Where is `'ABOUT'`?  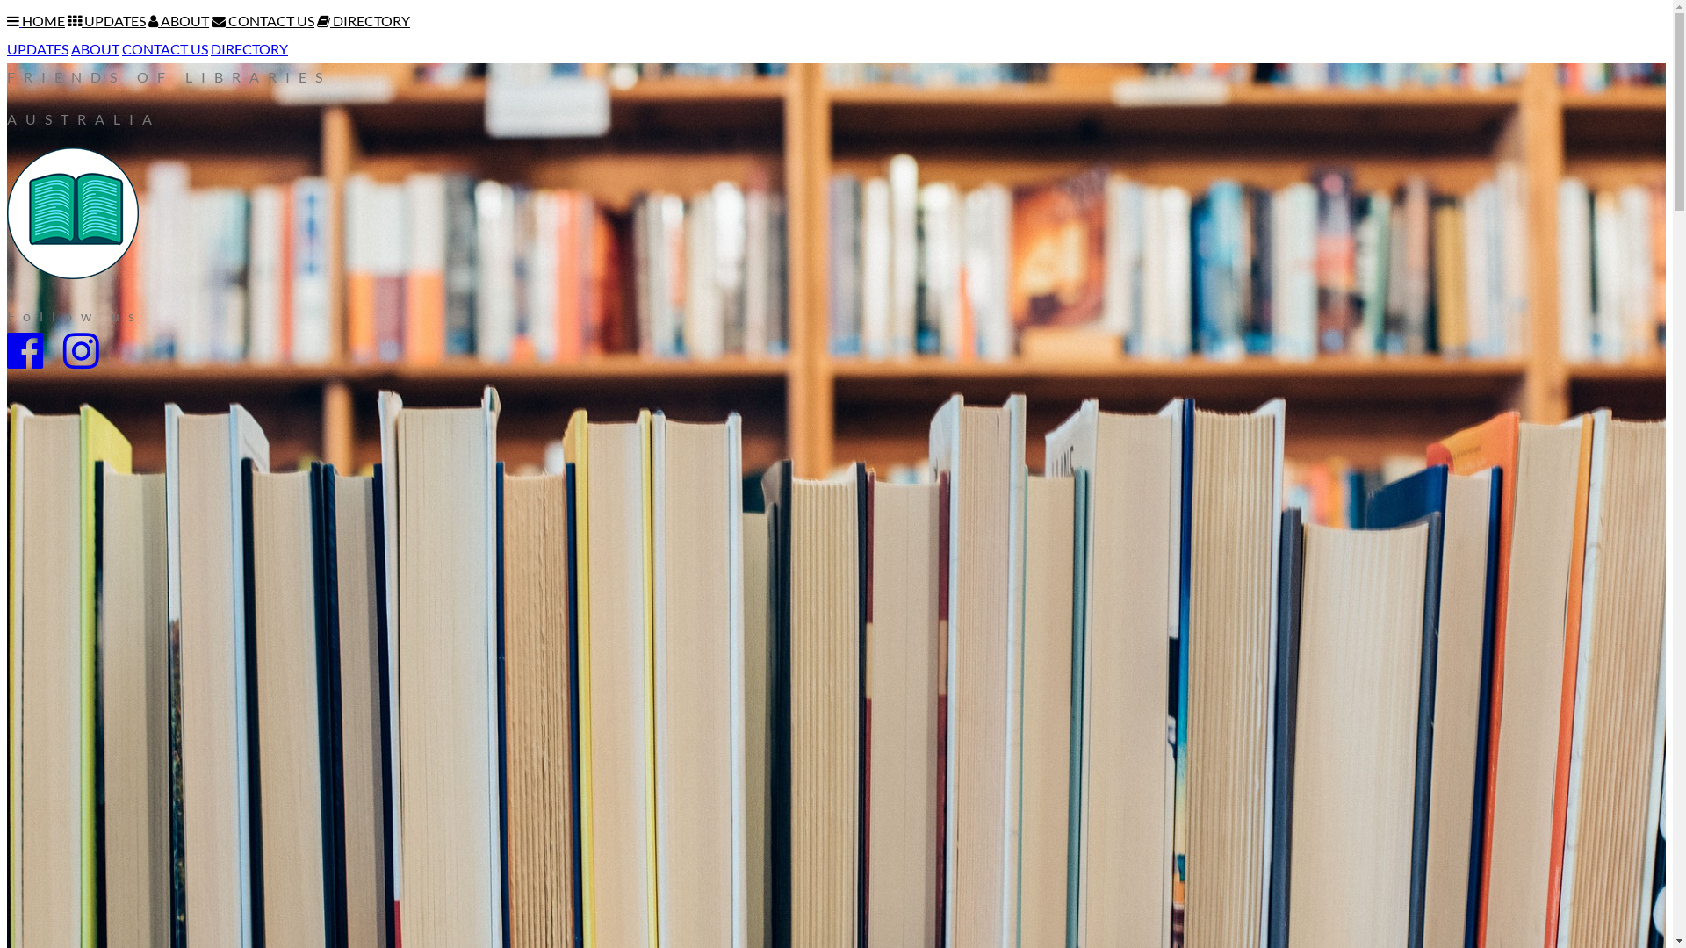
'ABOUT' is located at coordinates (94, 47).